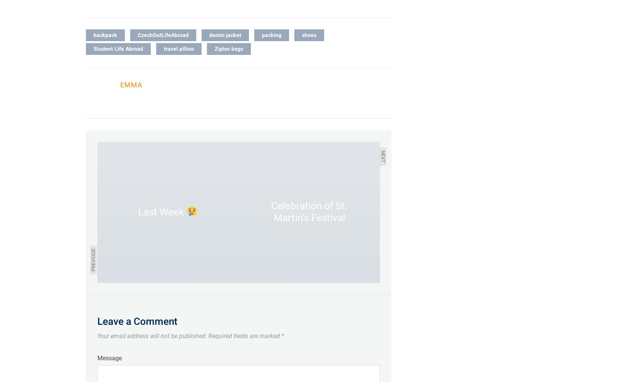 The width and height of the screenshot is (630, 382). I want to click on 'denim jacket', so click(225, 34).